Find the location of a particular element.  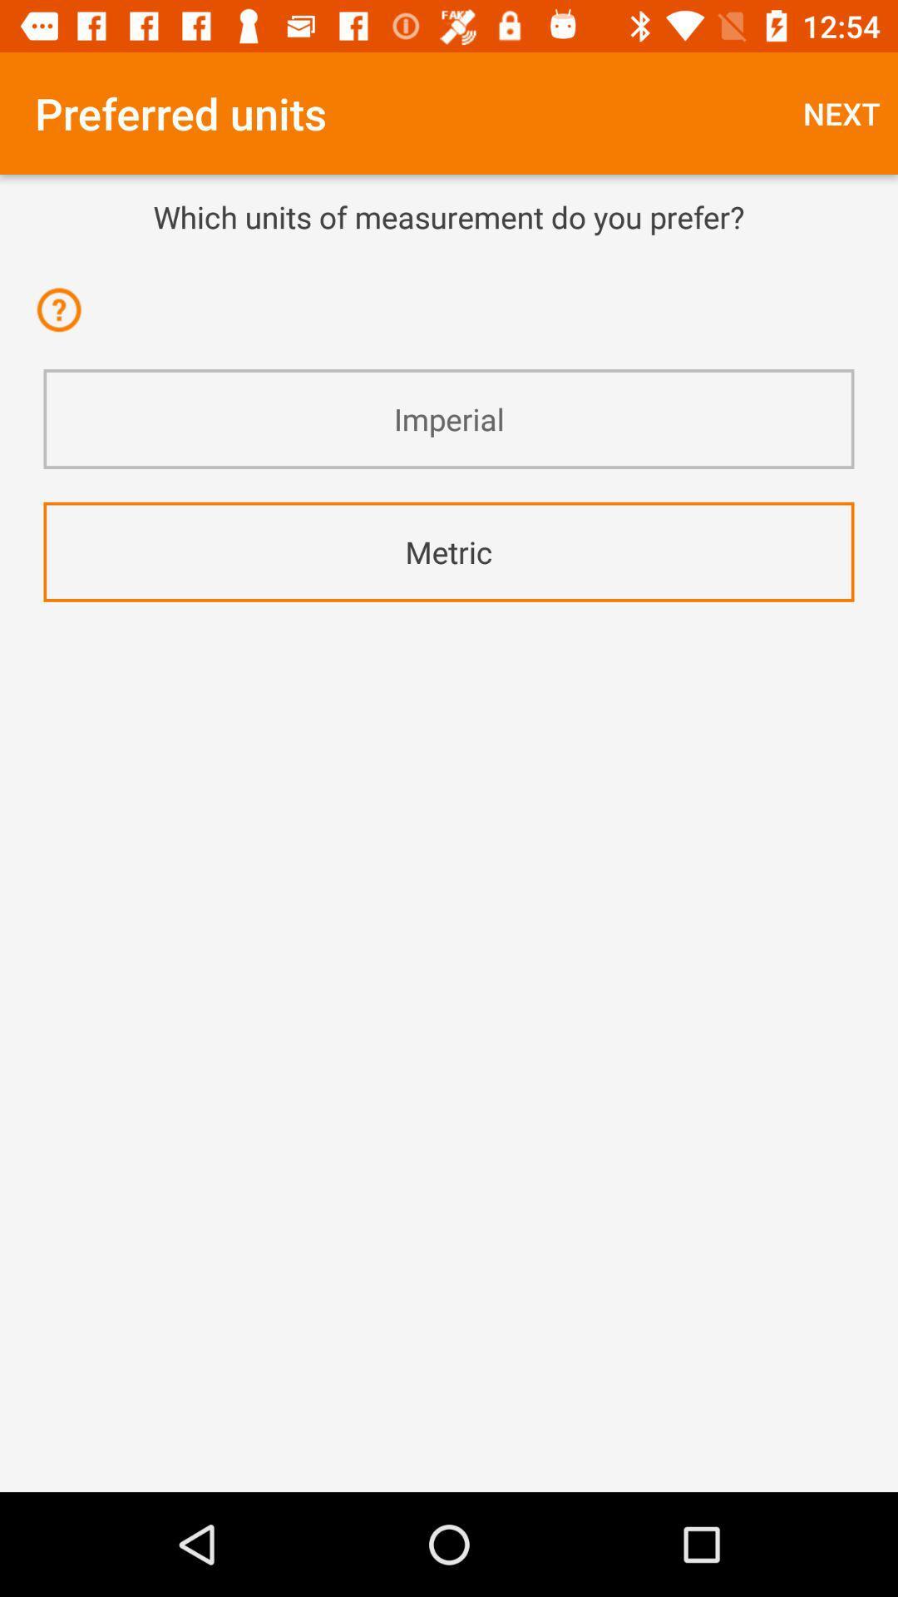

metric item is located at coordinates (449, 551).